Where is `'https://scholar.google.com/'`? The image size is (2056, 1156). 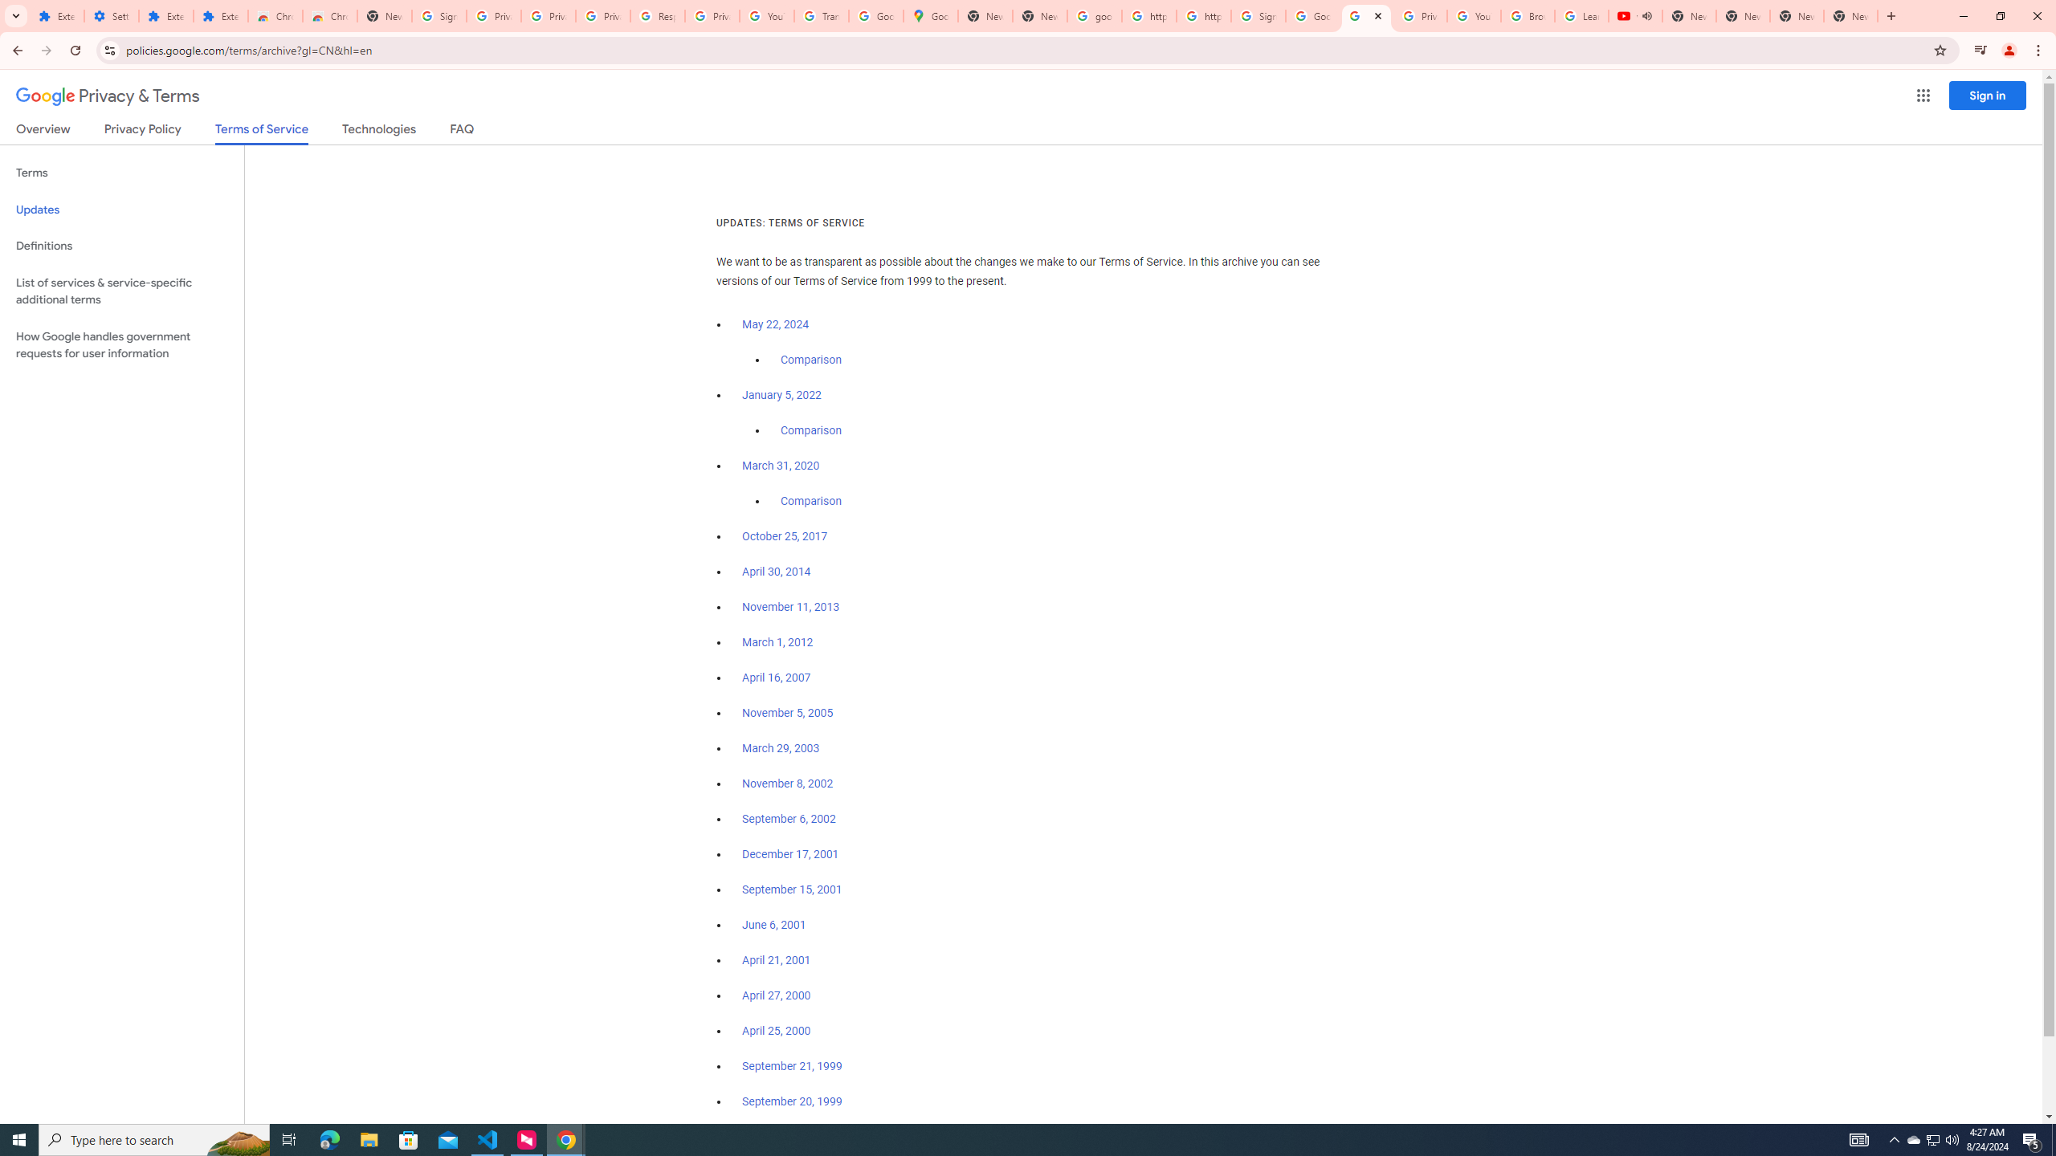 'https://scholar.google.com/' is located at coordinates (1202, 15).